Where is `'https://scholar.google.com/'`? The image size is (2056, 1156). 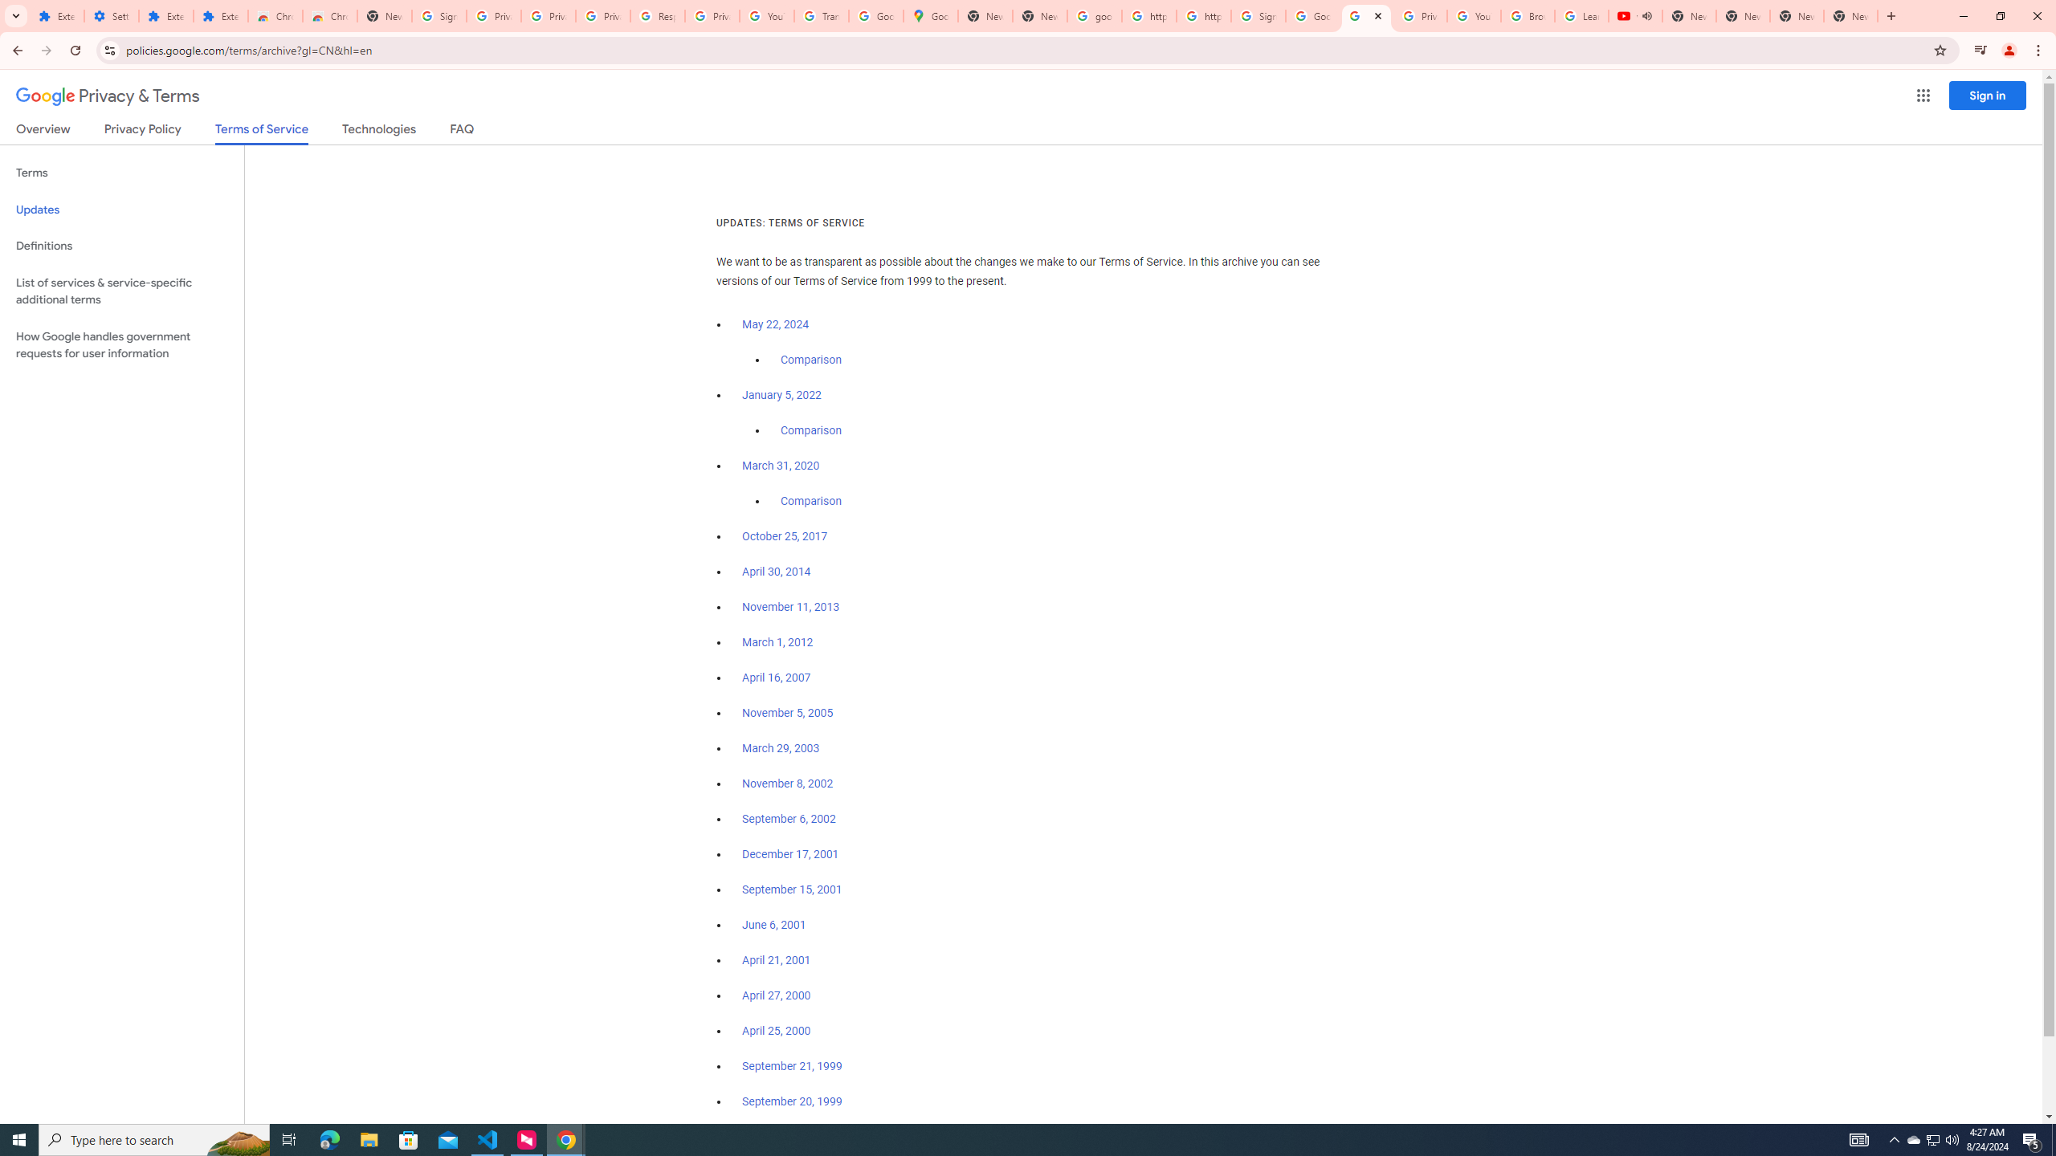 'https://scholar.google.com/' is located at coordinates (1202, 15).